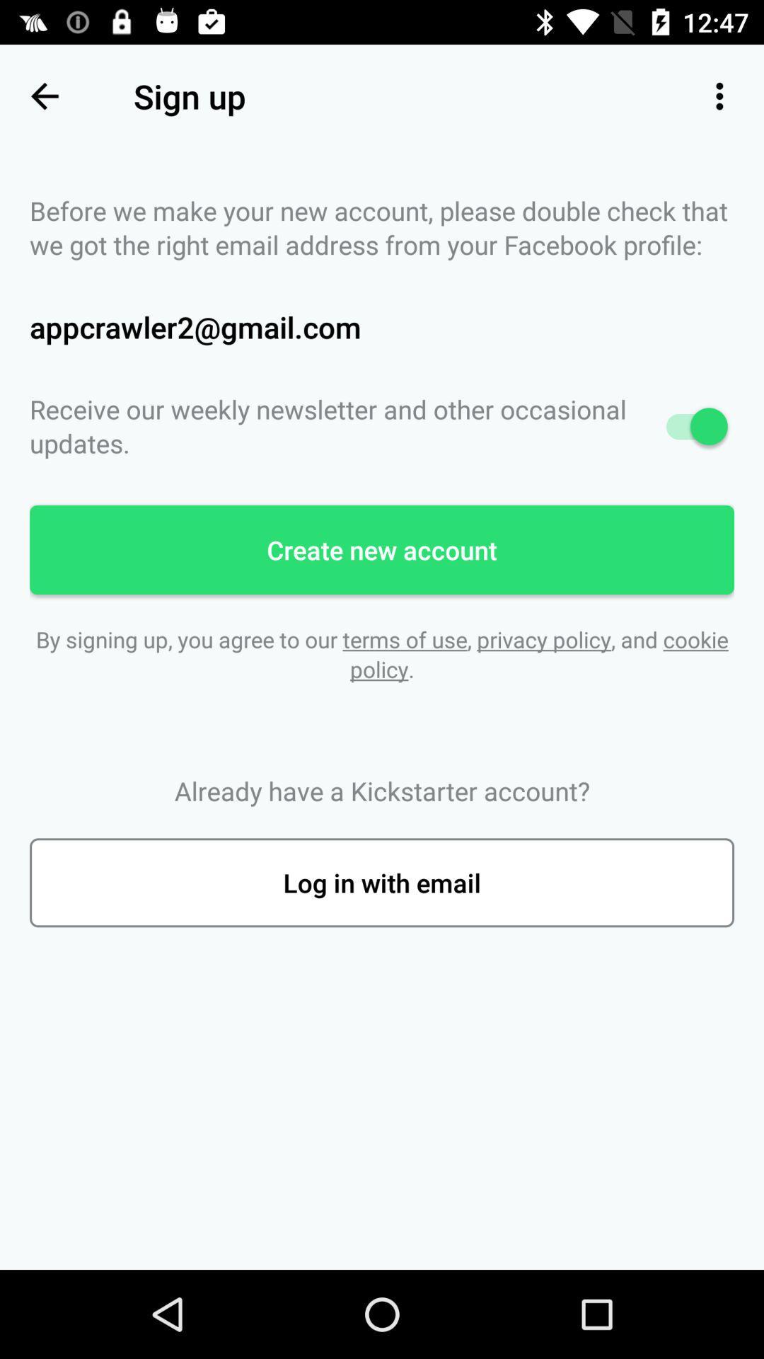 Image resolution: width=764 pixels, height=1359 pixels. What do you see at coordinates (382, 425) in the screenshot?
I see `receive our weekly icon` at bounding box center [382, 425].